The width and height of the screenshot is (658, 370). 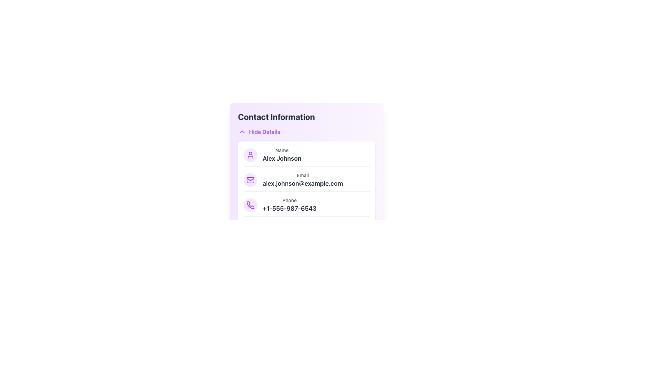 I want to click on the clickable section labeled 'Hide Details' by clicking the upward-pointing chevron icon styled in purple, which is located to the left of the label, so click(x=242, y=132).